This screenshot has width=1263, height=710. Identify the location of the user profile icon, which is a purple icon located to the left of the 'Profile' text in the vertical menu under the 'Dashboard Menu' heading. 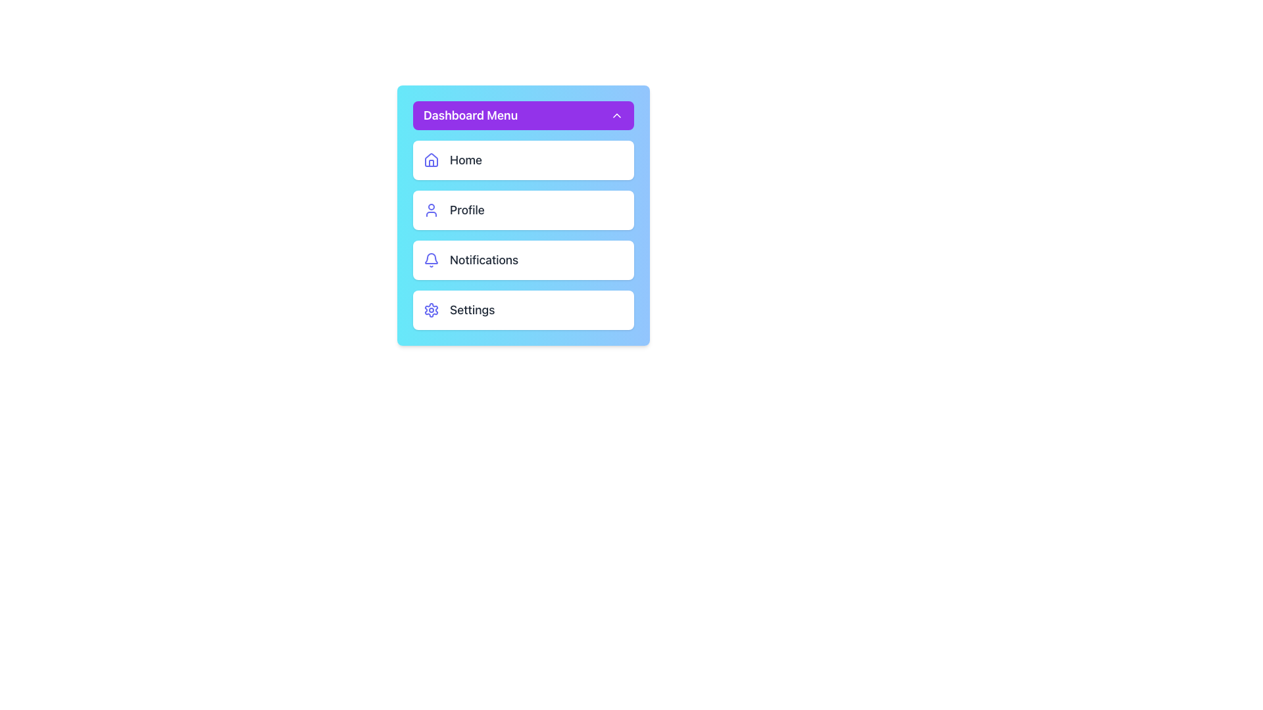
(432, 210).